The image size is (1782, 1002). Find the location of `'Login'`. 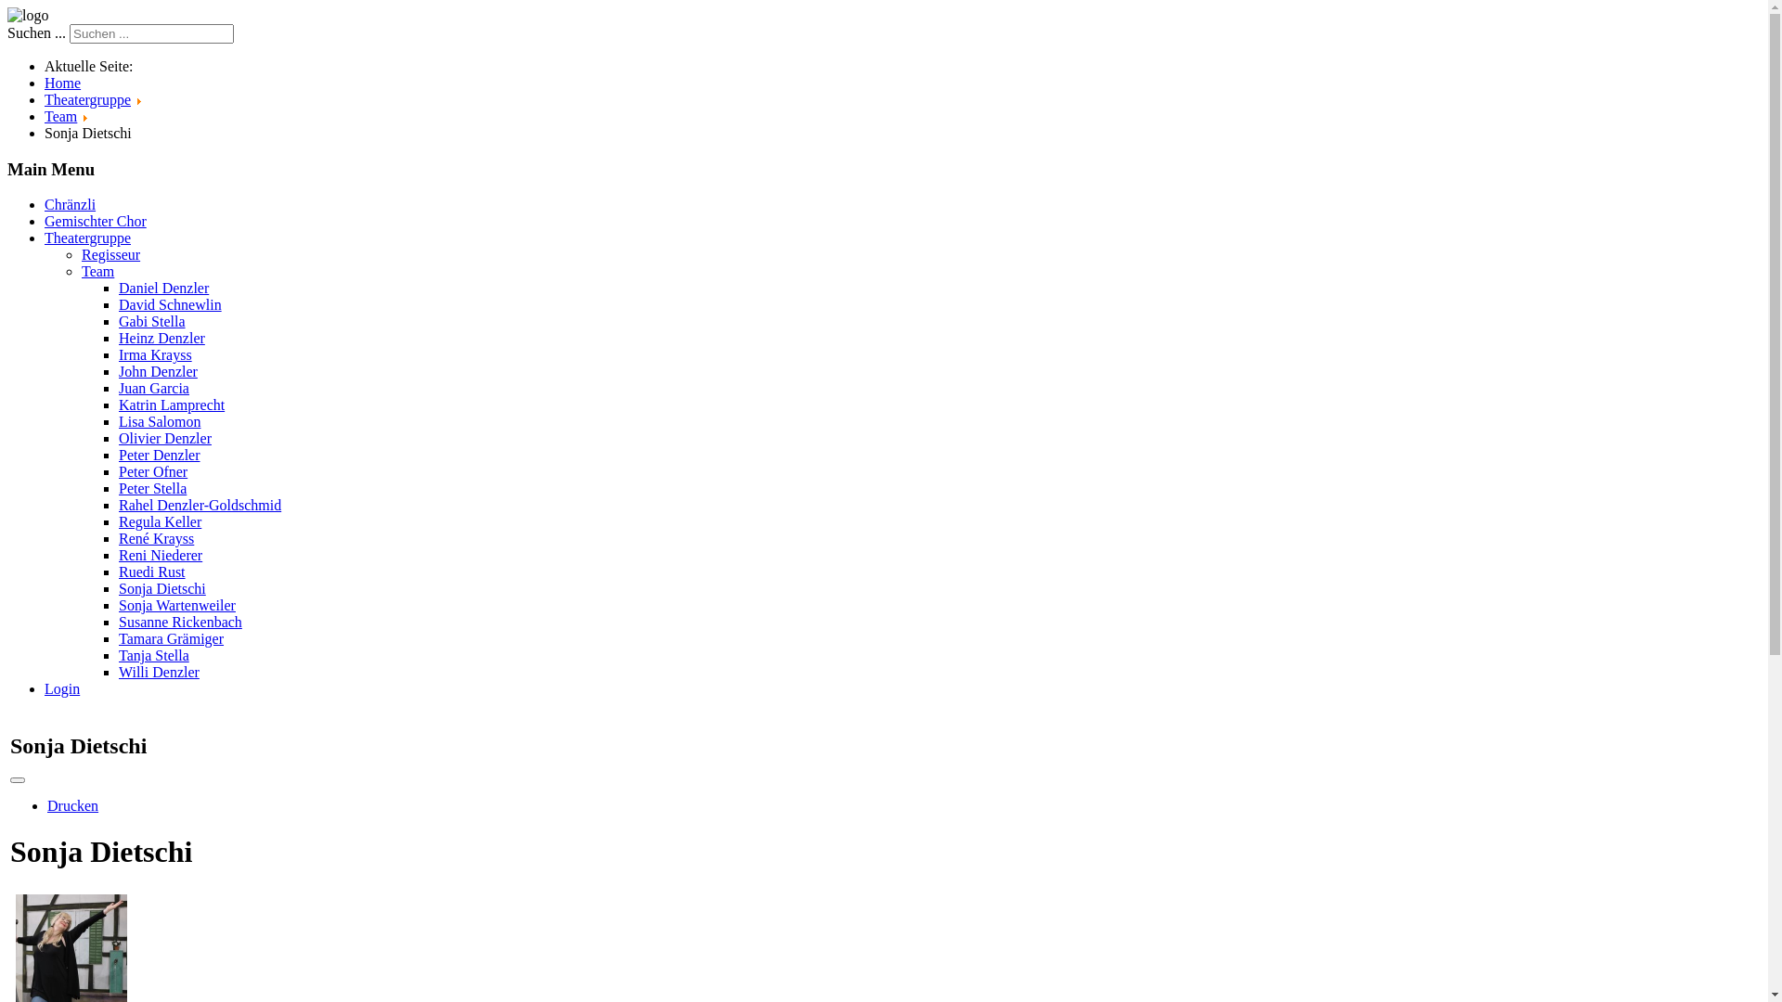

'Login' is located at coordinates (62, 688).